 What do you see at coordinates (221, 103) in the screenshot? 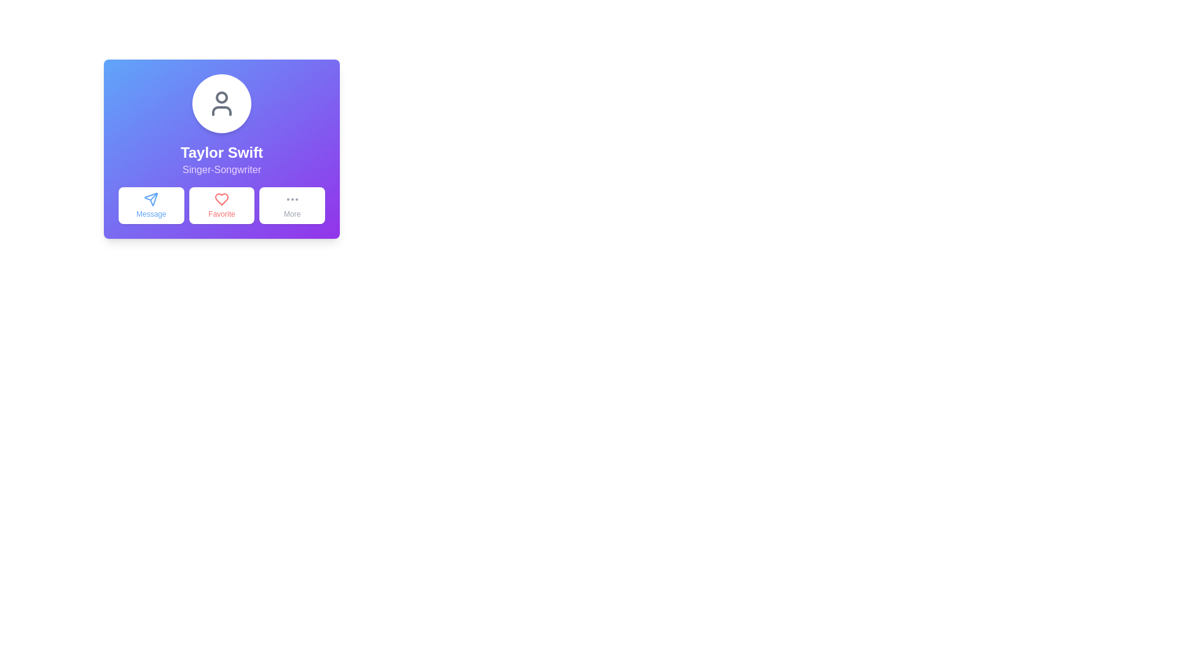
I see `the user profile icon, which is centrally positioned within a white circular background in the top half of the card layout` at bounding box center [221, 103].